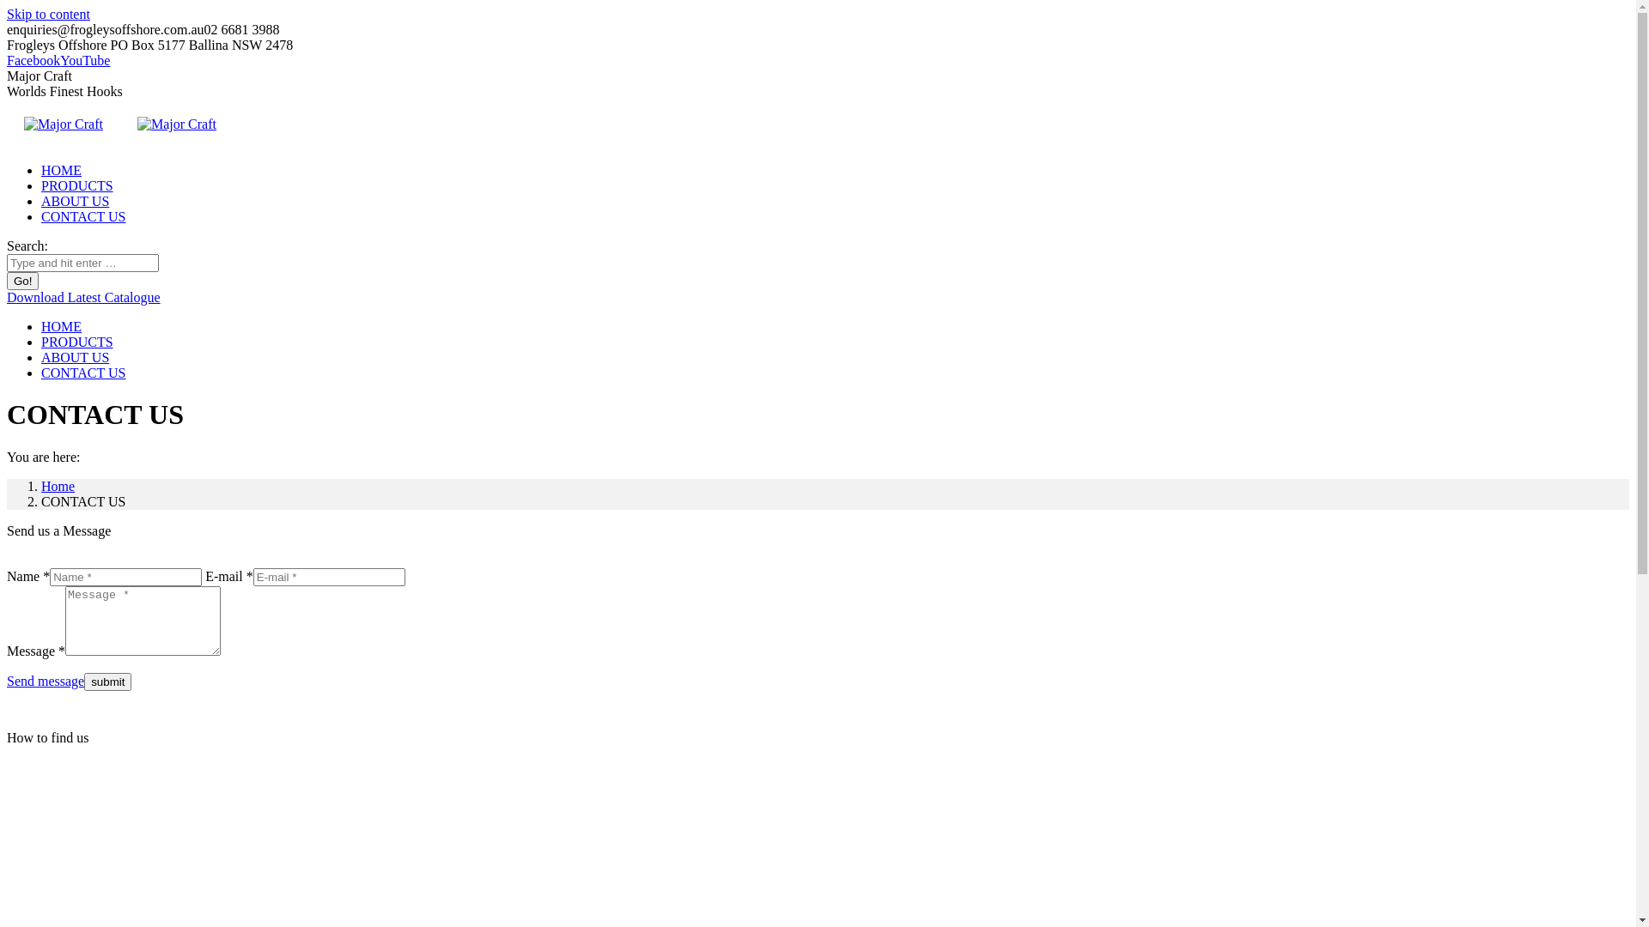 The width and height of the screenshot is (1649, 927). I want to click on 'ABOUT US', so click(74, 200).